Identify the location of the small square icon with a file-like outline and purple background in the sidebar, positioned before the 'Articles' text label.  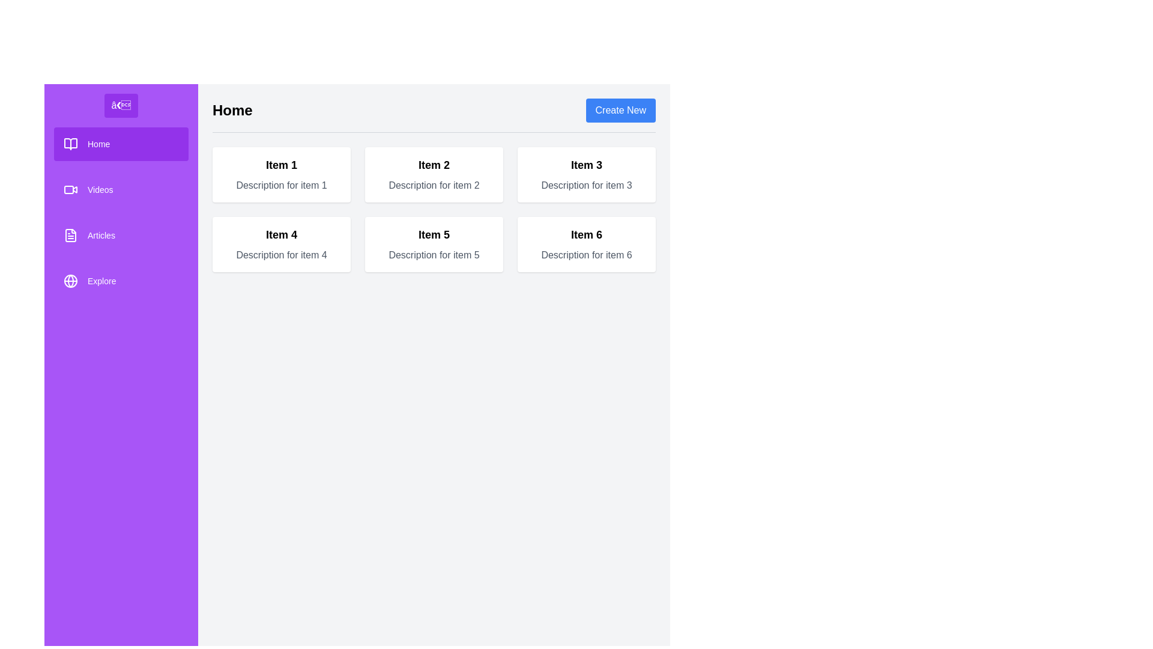
(70, 236).